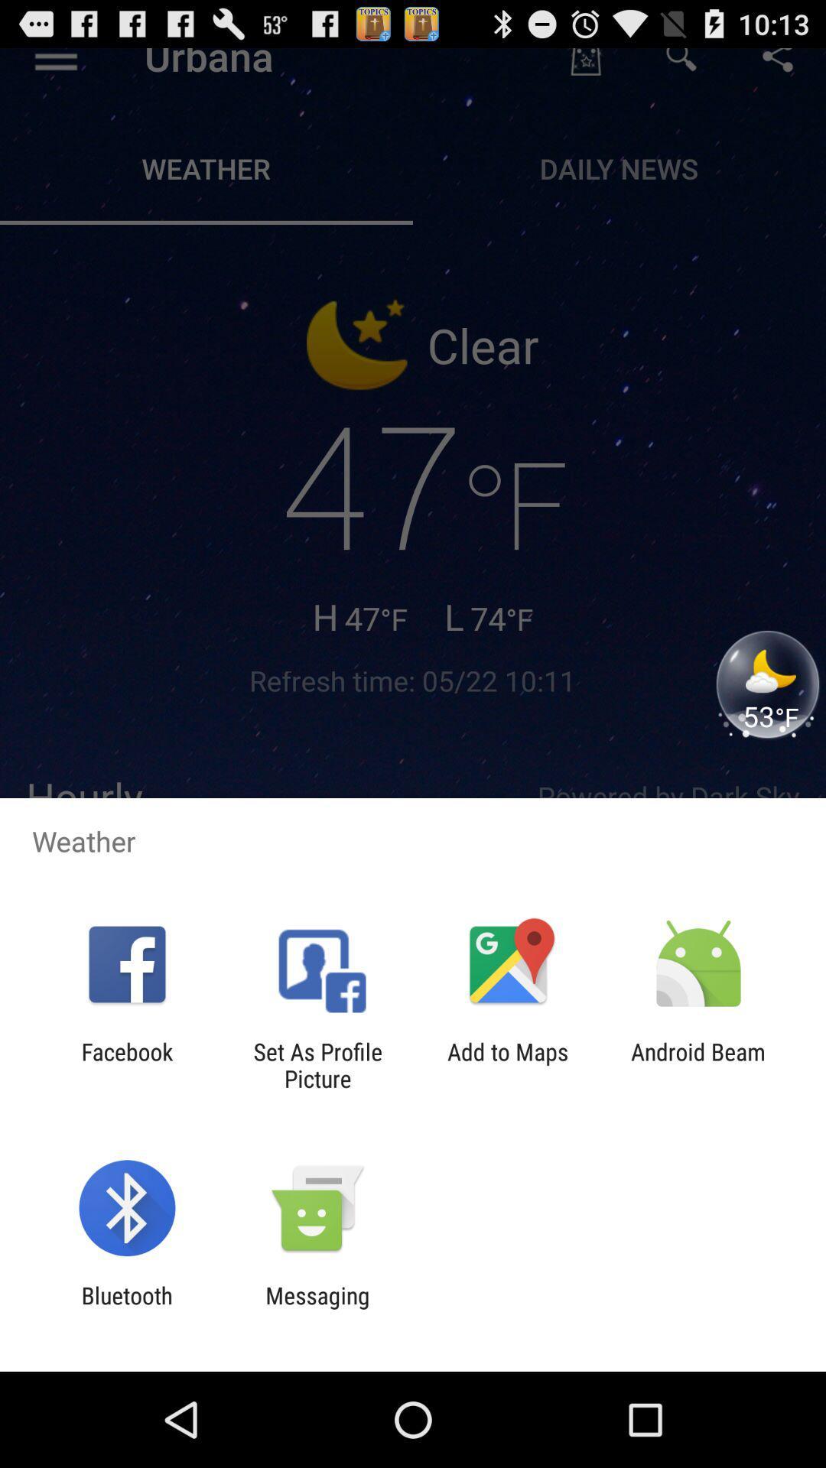 The width and height of the screenshot is (826, 1468). I want to click on the facebook item, so click(126, 1064).